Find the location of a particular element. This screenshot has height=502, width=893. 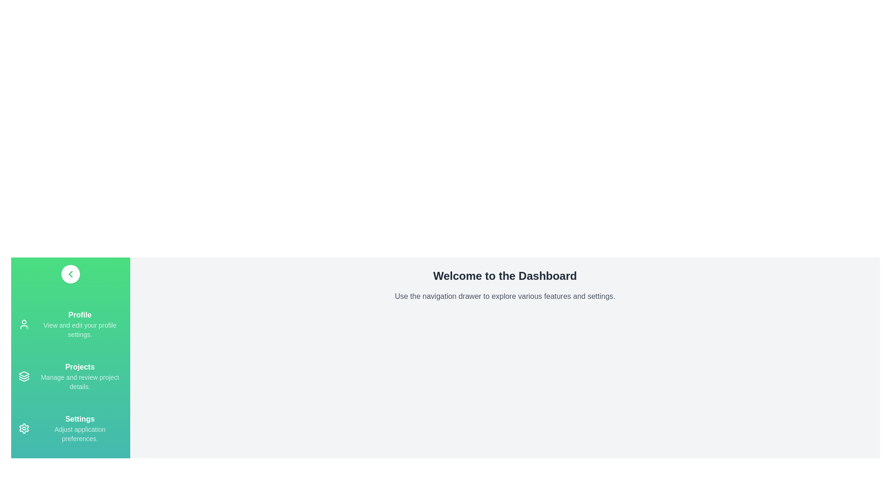

the menu item Settings from the navigation drawer is located at coordinates (70, 428).